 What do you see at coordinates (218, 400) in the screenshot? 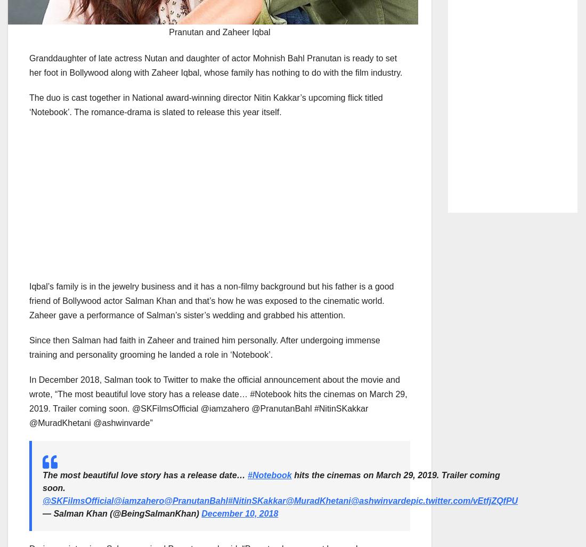
I see `'In December 2018, Salman took to Twitter to make the official announcement about the movie and wrote, “The most beautiful love story has a release date… #Notebook hits the cinemas on March 29, 2019. Trailer coming soon. @SKFilmsOfficial @iamzahero @PranutanBahl #NitinSKakkar @MuradKhetani @ashwinvarde”'` at bounding box center [218, 400].